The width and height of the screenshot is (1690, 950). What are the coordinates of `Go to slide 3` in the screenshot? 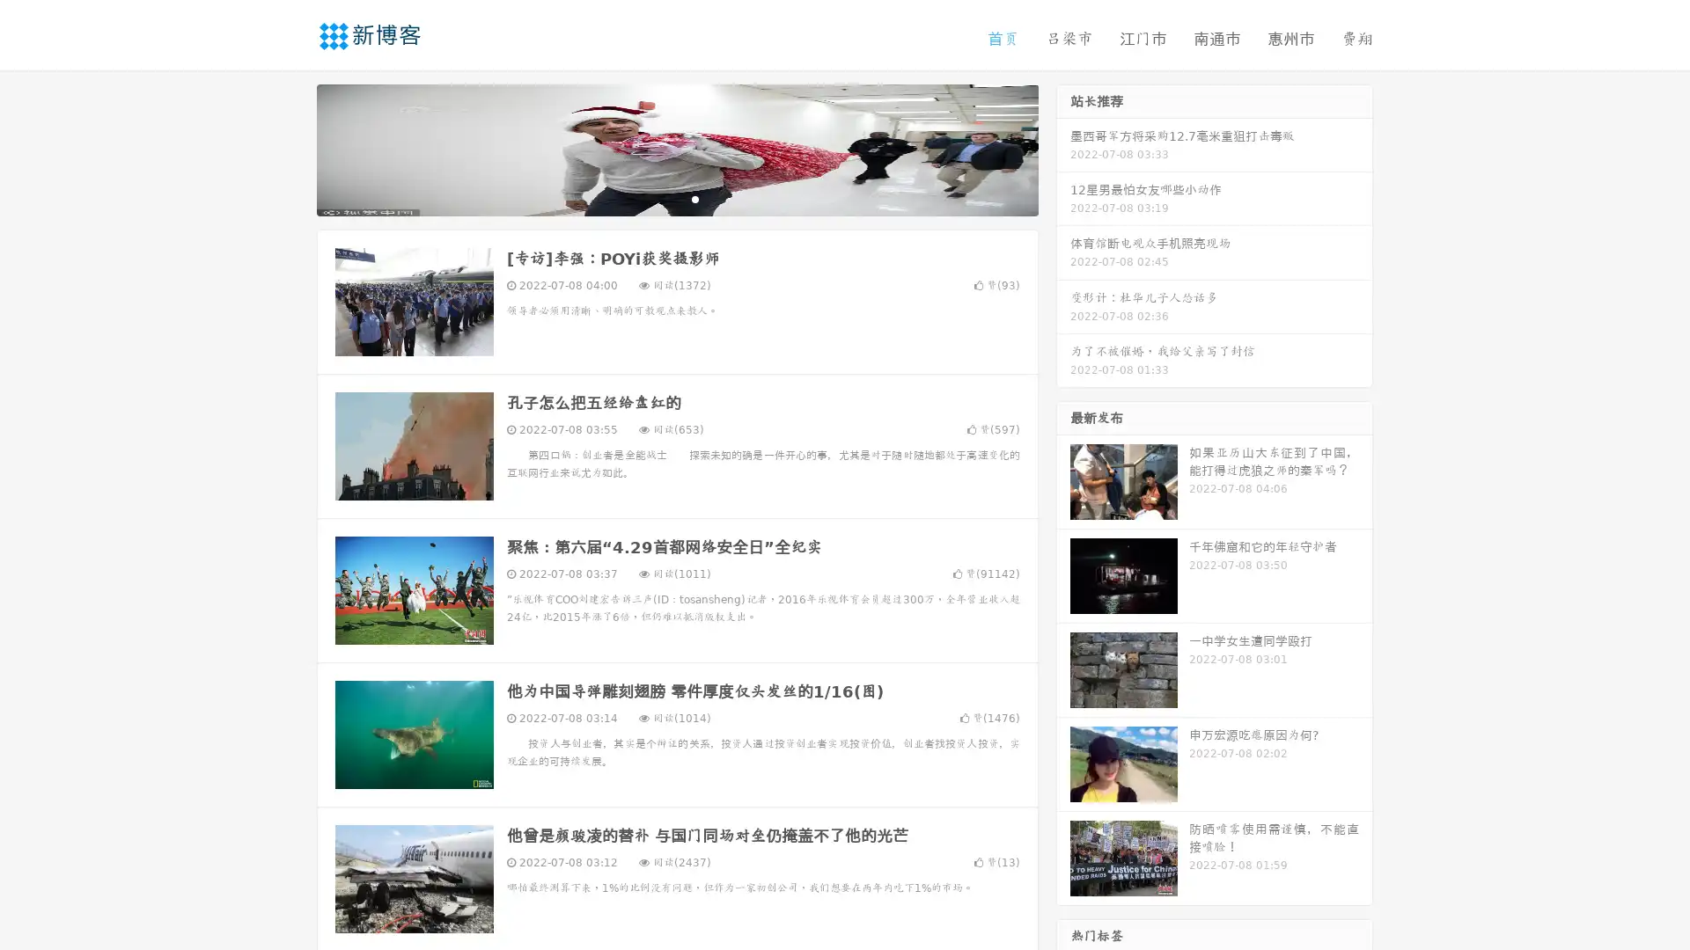 It's located at (694, 198).